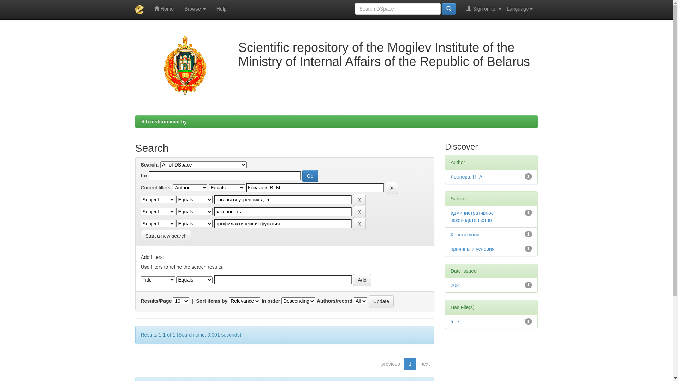 The width and height of the screenshot is (678, 381). What do you see at coordinates (149, 8) in the screenshot?
I see `'Home'` at bounding box center [149, 8].